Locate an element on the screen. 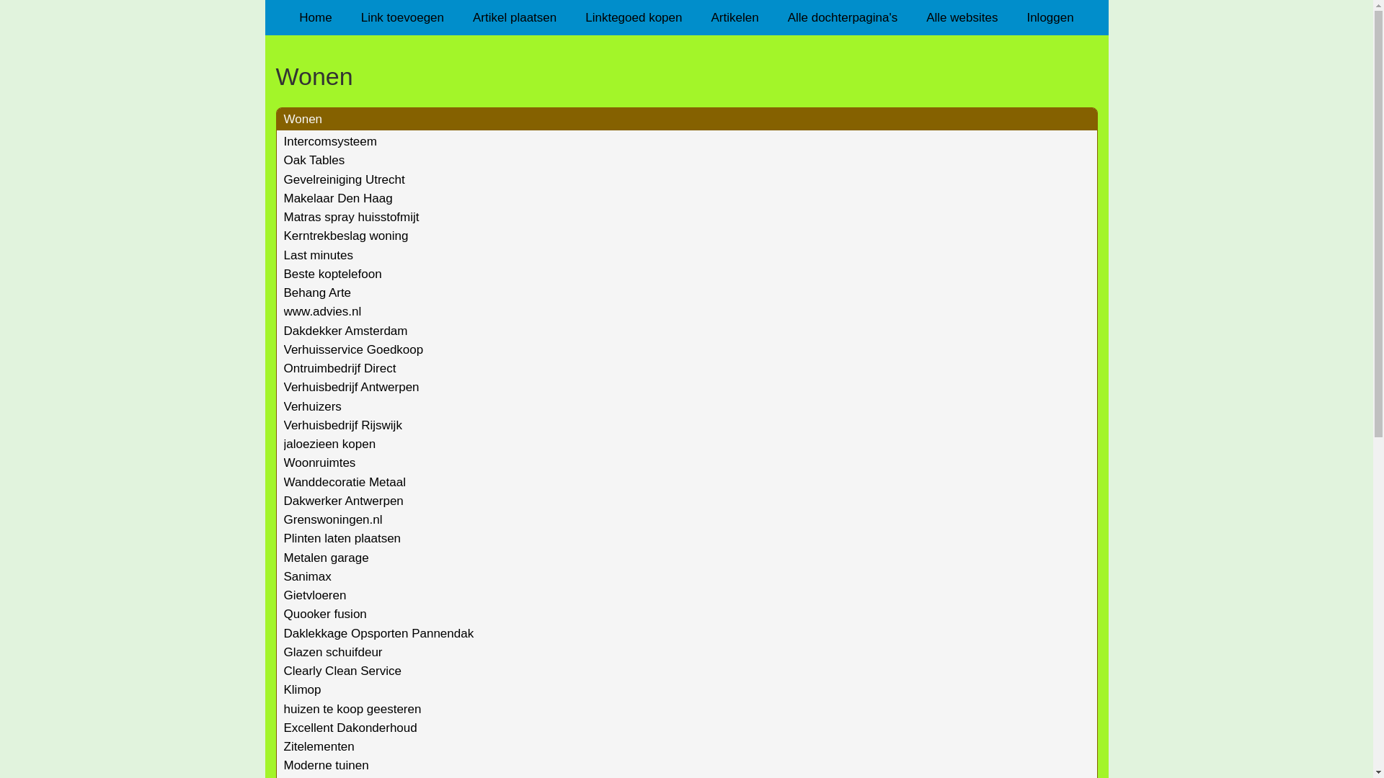 The width and height of the screenshot is (1384, 778). 'Dakdekker Amsterdam' is located at coordinates (346, 331).